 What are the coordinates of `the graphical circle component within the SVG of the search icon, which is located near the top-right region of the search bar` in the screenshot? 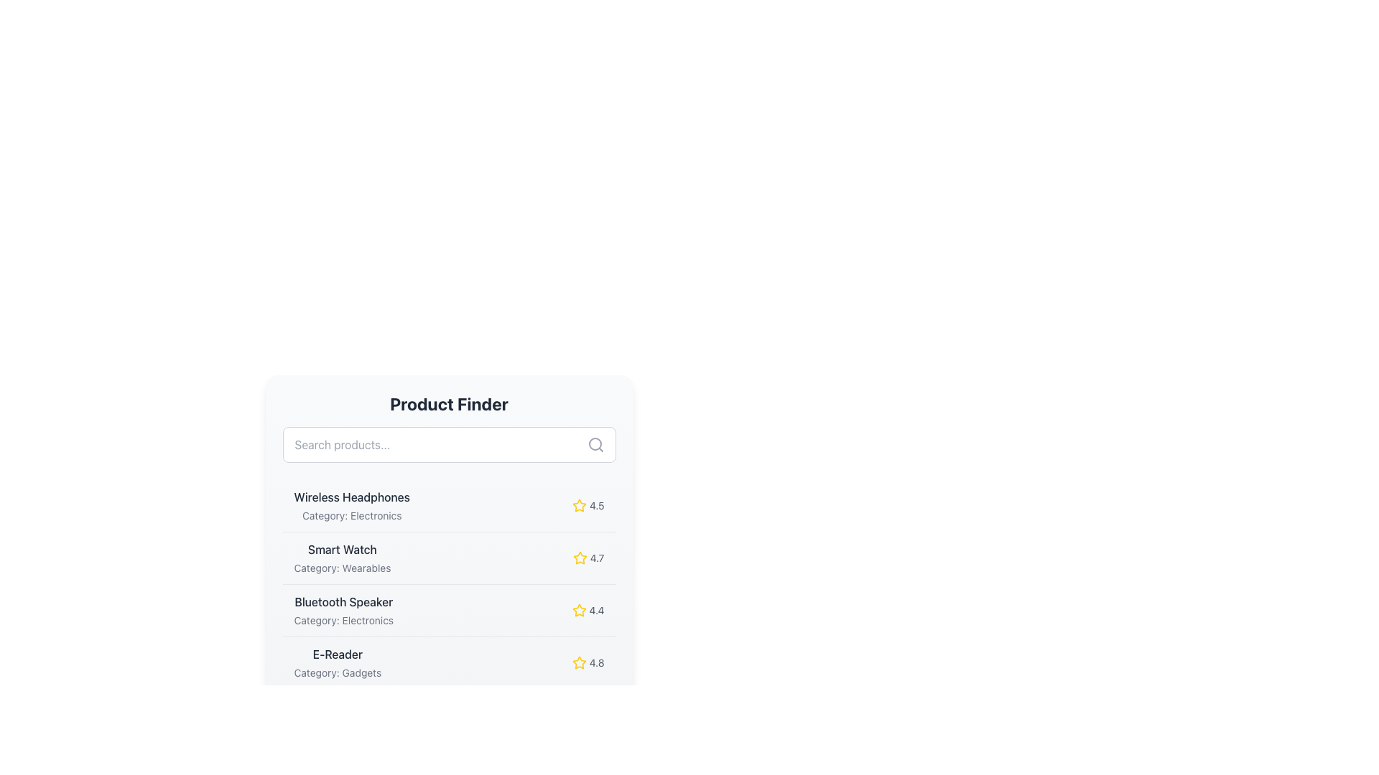 It's located at (595, 443).